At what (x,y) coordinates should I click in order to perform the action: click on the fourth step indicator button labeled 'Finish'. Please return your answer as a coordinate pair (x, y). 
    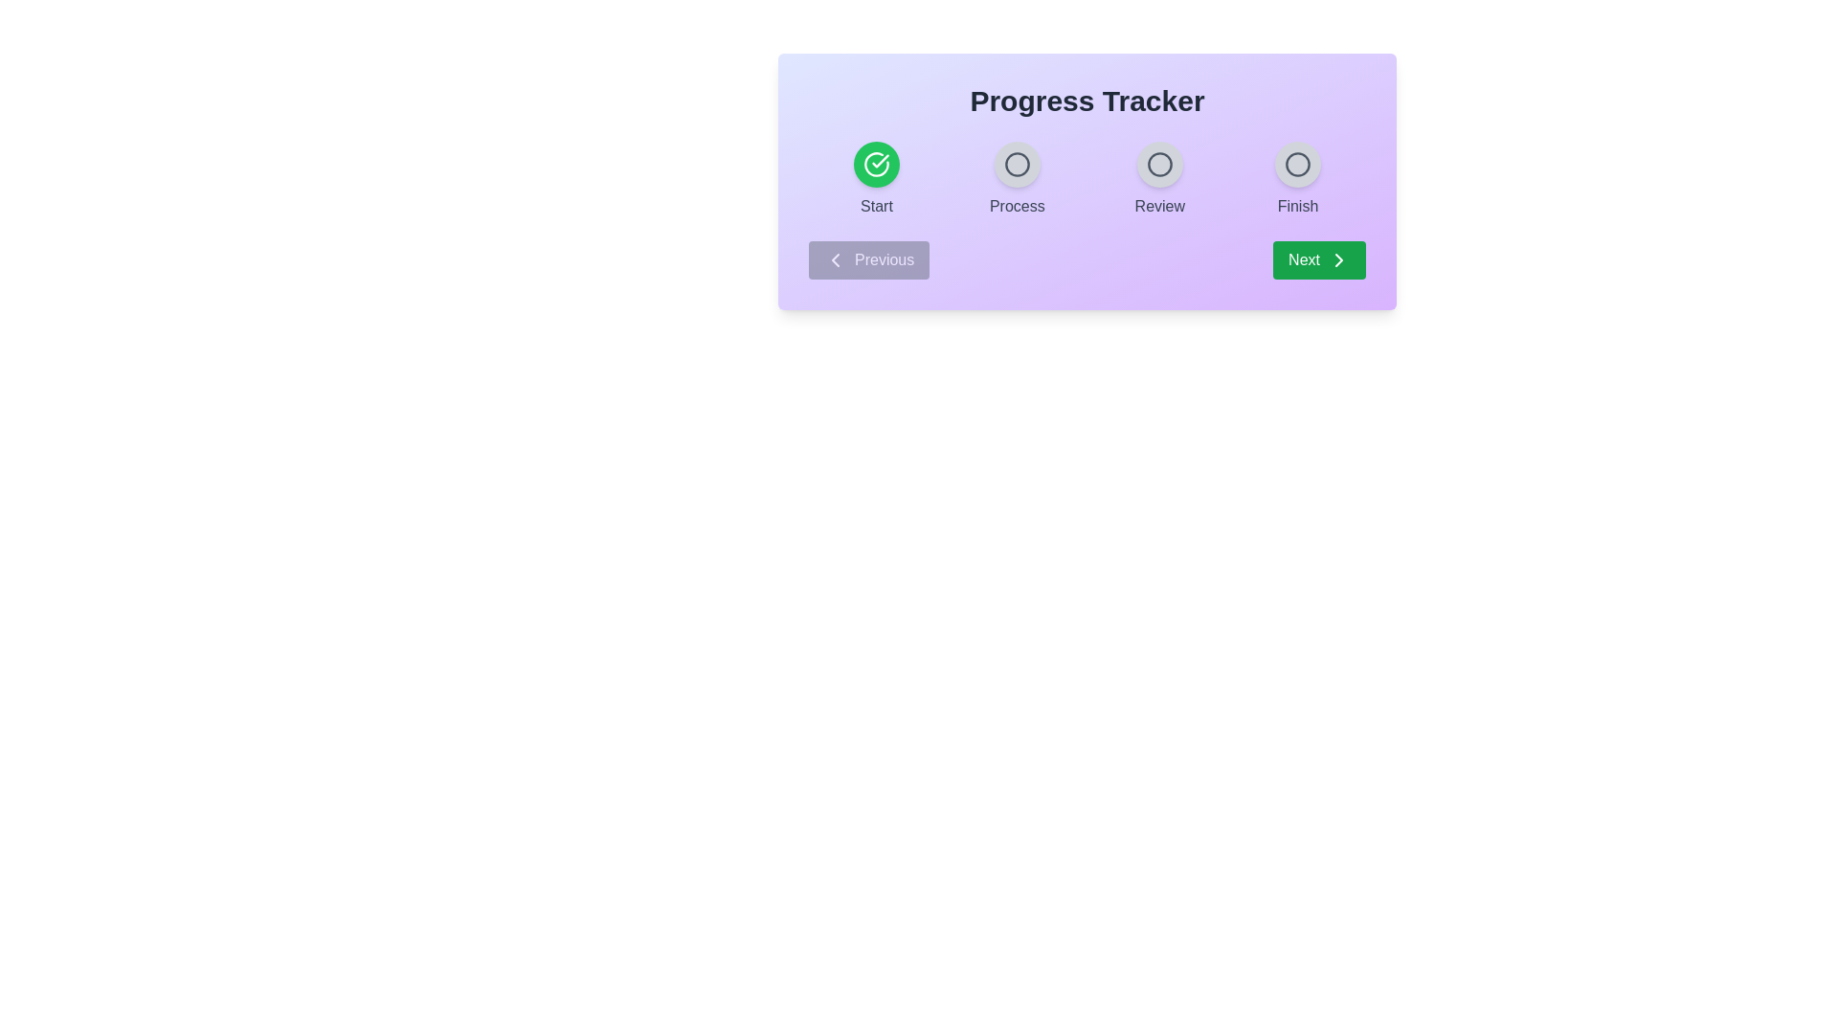
    Looking at the image, I should click on (1297, 164).